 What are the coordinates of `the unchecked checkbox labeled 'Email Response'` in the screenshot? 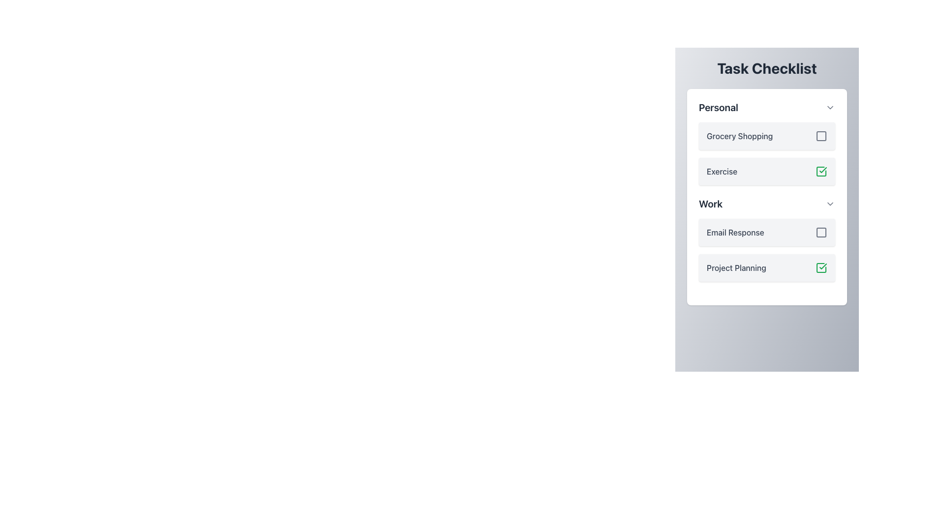 It's located at (766, 233).